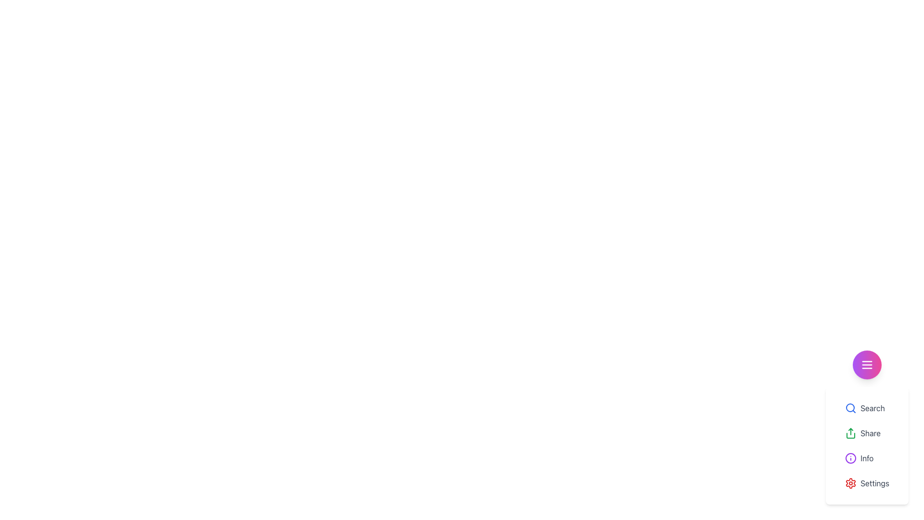  I want to click on the red gear icon in the bottom-right corner of the dropdown menu, so click(851, 483).